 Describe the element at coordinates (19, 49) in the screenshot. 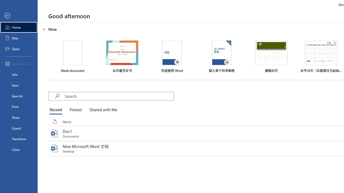

I see `'Open'` at that location.